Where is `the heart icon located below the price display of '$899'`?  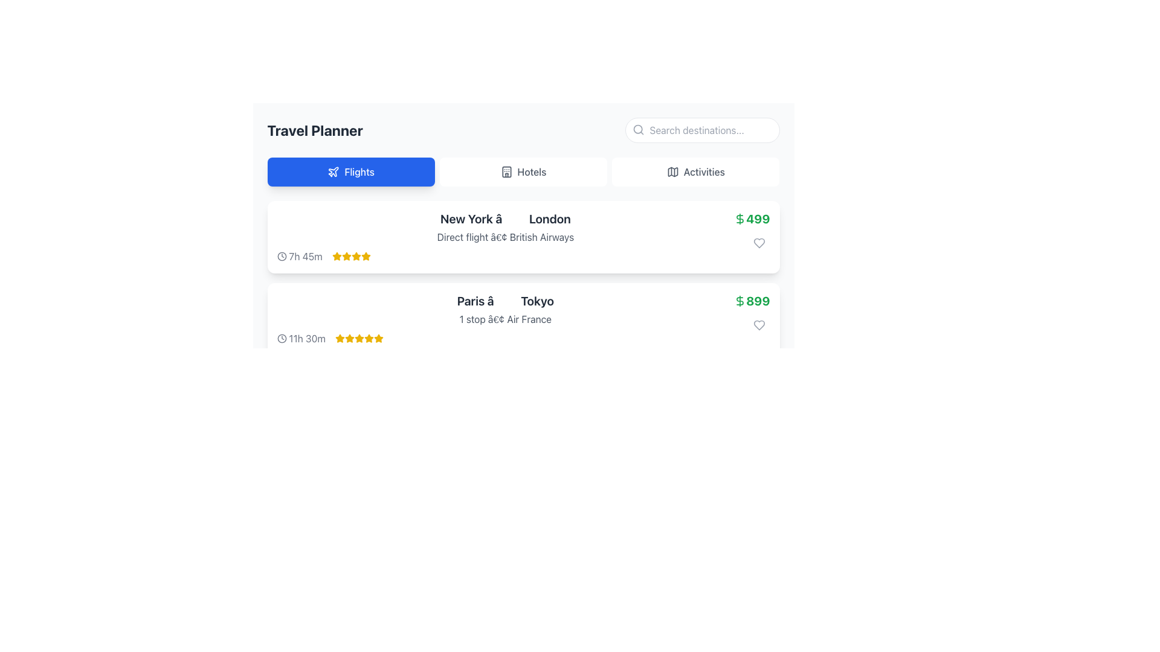 the heart icon located below the price display of '$899' is located at coordinates (751, 313).